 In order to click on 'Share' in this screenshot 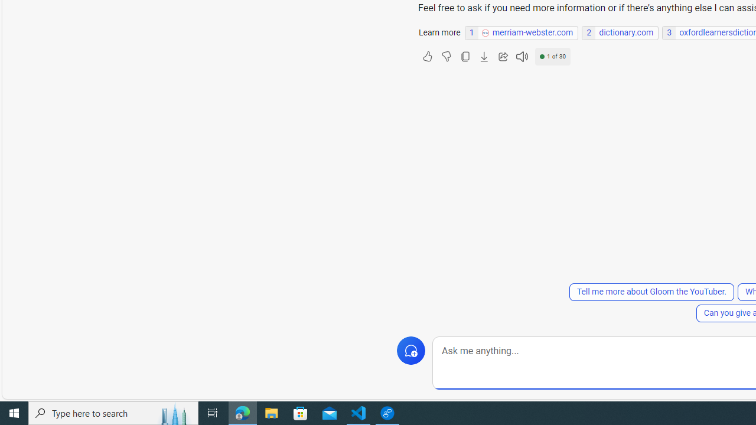, I will do `click(503, 57)`.